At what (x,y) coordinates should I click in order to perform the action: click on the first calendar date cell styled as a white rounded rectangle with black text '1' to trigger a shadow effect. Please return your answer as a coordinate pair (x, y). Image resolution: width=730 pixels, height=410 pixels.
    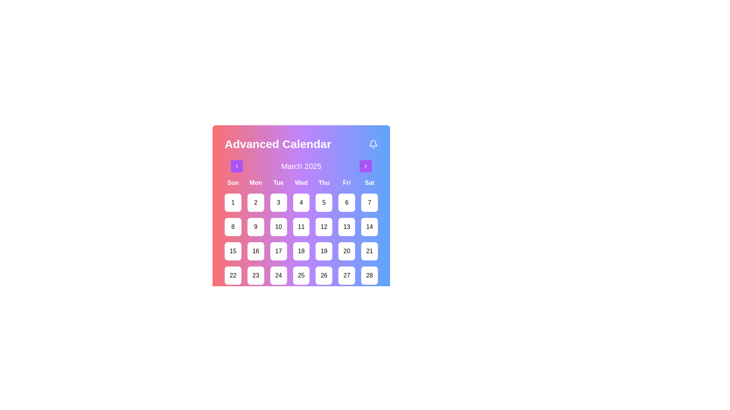
    Looking at the image, I should click on (232, 202).